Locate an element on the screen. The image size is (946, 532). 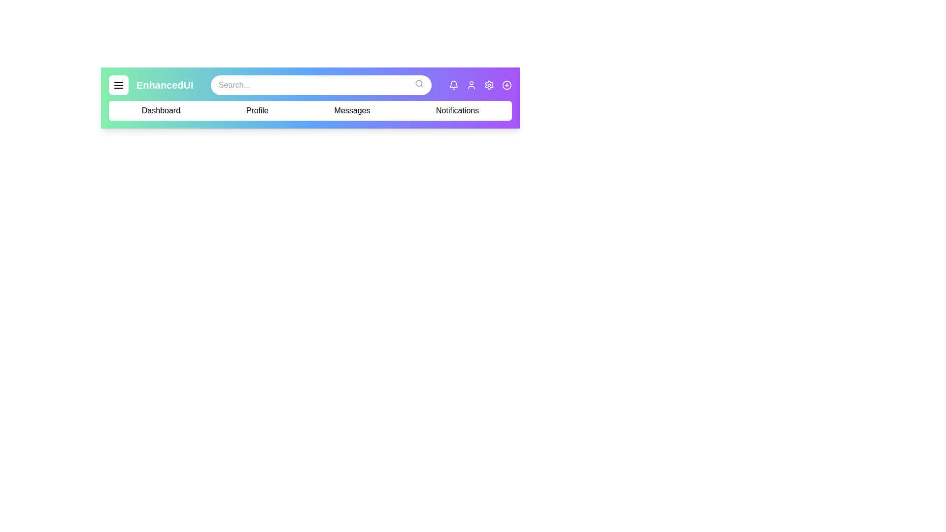
the menu item Dashboard from the navigation bar is located at coordinates (161, 110).